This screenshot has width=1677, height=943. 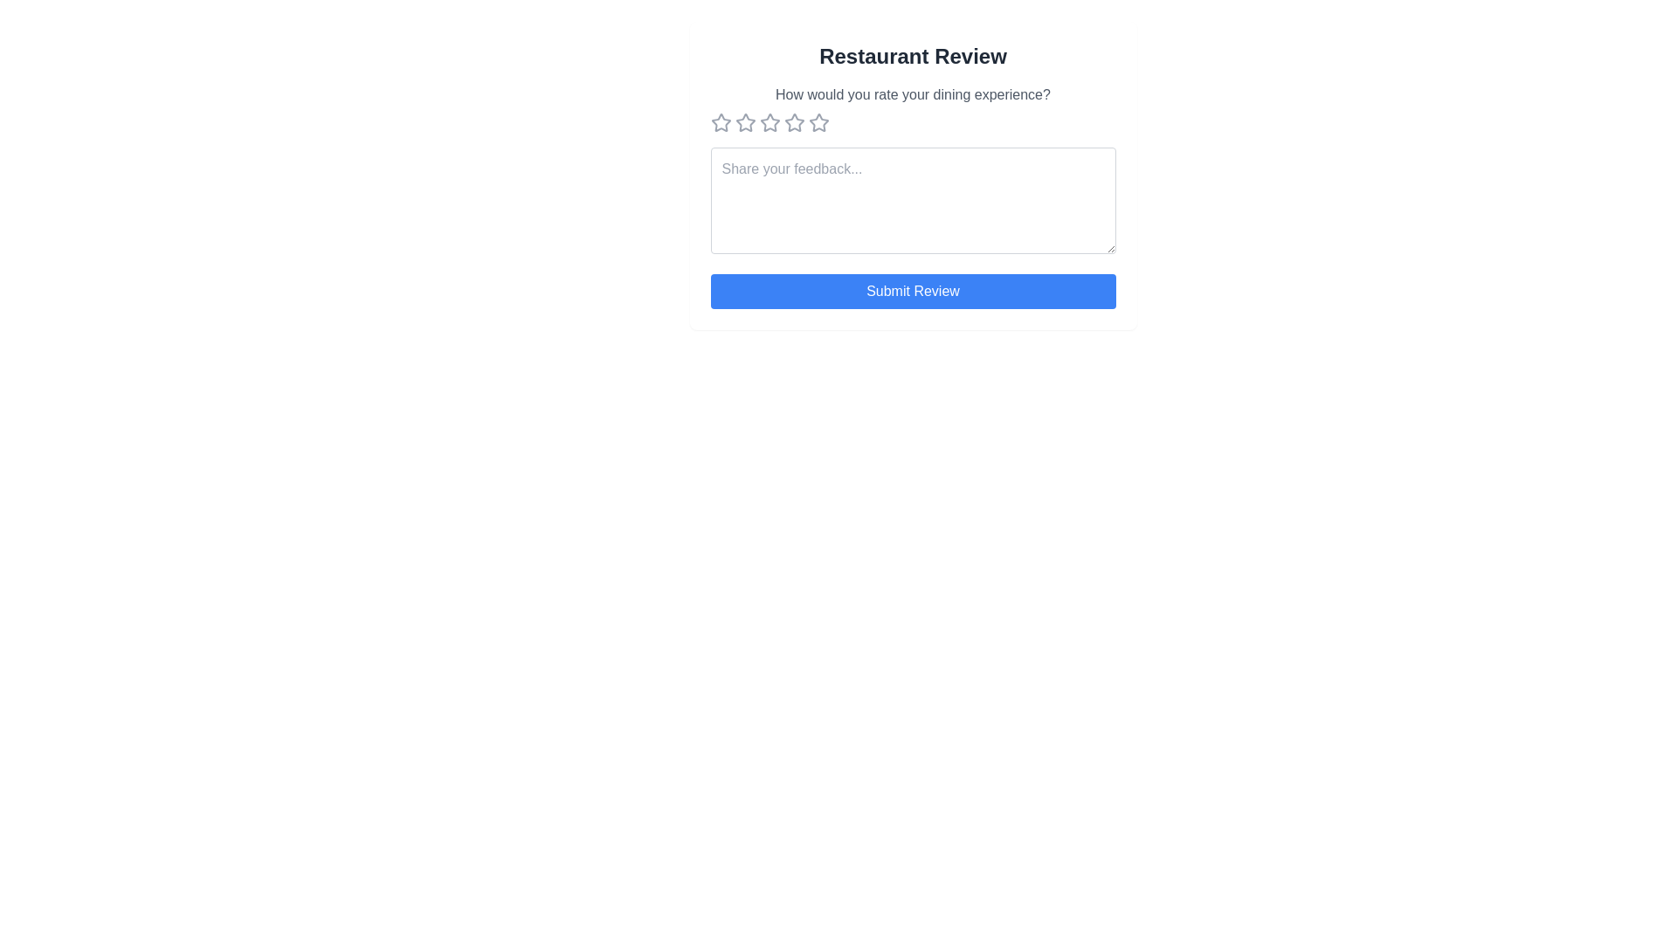 What do you see at coordinates (912, 200) in the screenshot?
I see `the feedback textarea and type the feedback text` at bounding box center [912, 200].